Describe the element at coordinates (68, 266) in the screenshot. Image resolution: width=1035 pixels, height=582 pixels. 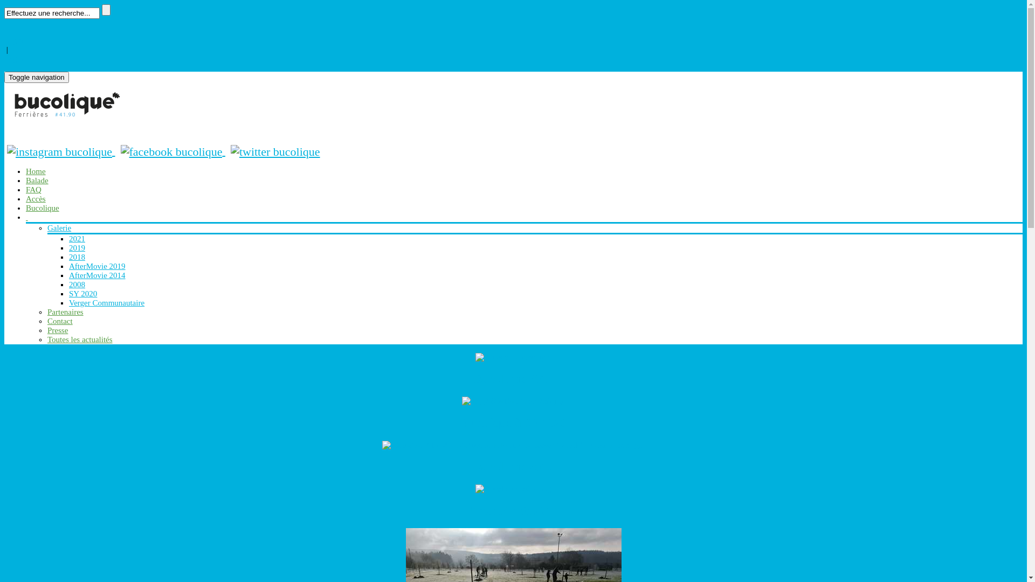
I see `'AfterMovie 2019'` at that location.